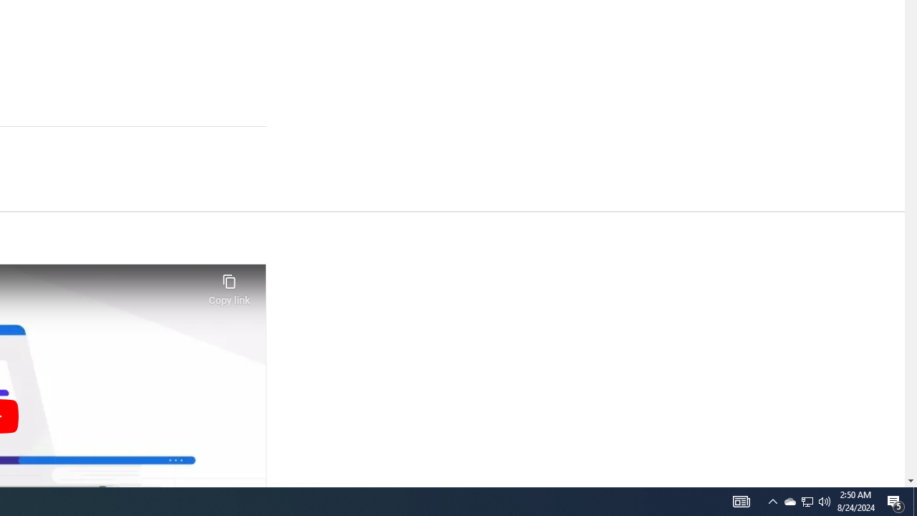 The height and width of the screenshot is (516, 917). I want to click on 'Copy link', so click(229, 285).